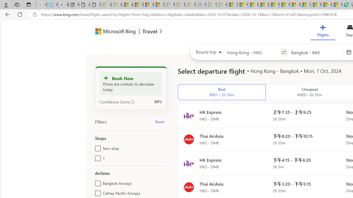 The image size is (353, 198). Describe the element at coordinates (114, 31) in the screenshot. I see `'Class: msft-bing-logo msft-bing-logo-desktop'` at that location.